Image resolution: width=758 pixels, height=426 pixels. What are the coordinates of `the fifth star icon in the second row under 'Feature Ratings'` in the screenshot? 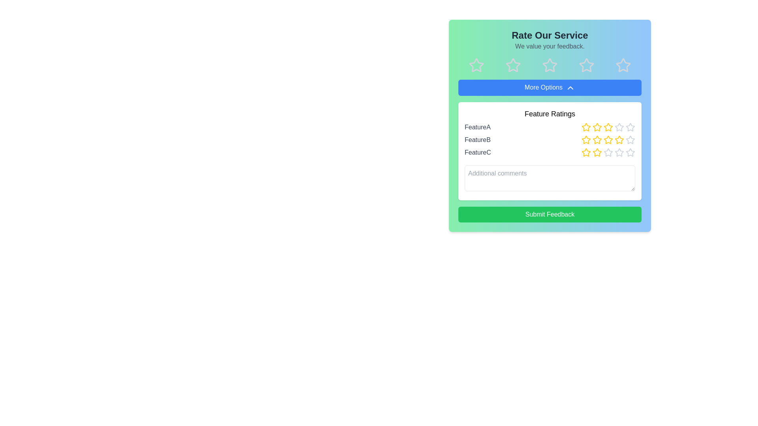 It's located at (619, 126).